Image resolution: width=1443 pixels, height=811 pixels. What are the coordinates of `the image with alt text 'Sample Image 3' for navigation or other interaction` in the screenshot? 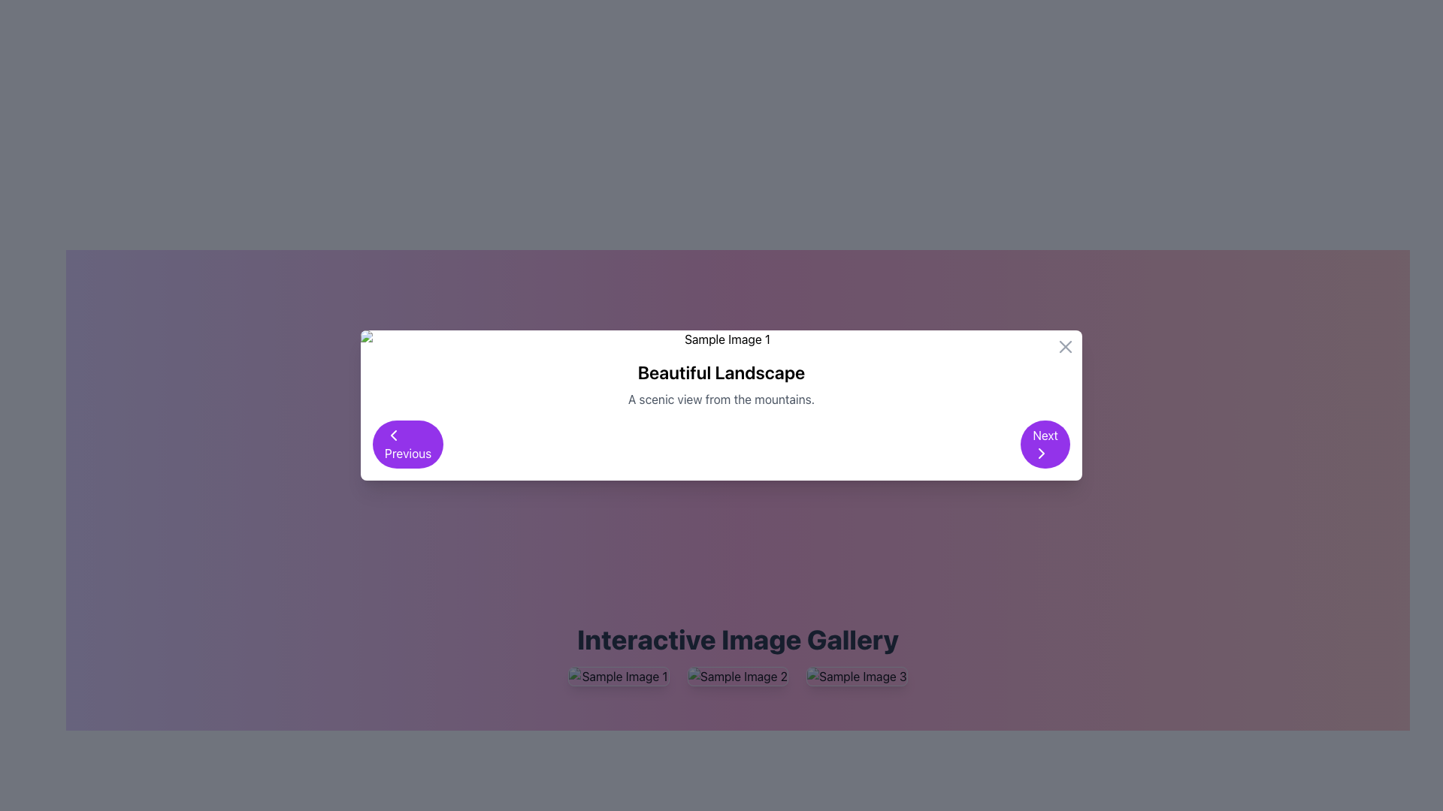 It's located at (857, 677).